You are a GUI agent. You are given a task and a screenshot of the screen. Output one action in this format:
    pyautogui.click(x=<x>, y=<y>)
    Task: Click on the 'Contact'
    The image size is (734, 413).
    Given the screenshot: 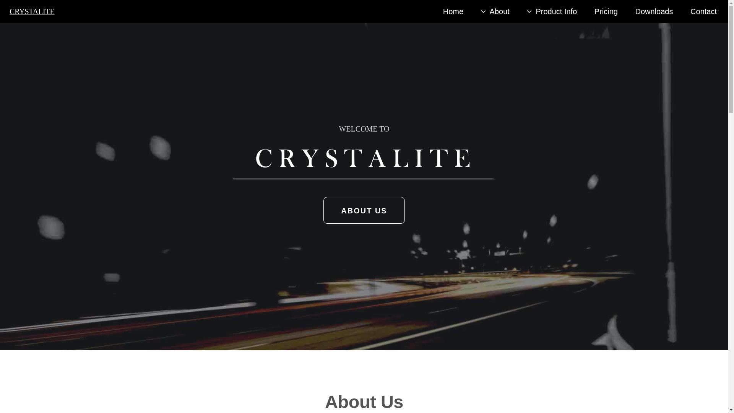 What is the action you would take?
    pyautogui.click(x=703, y=11)
    